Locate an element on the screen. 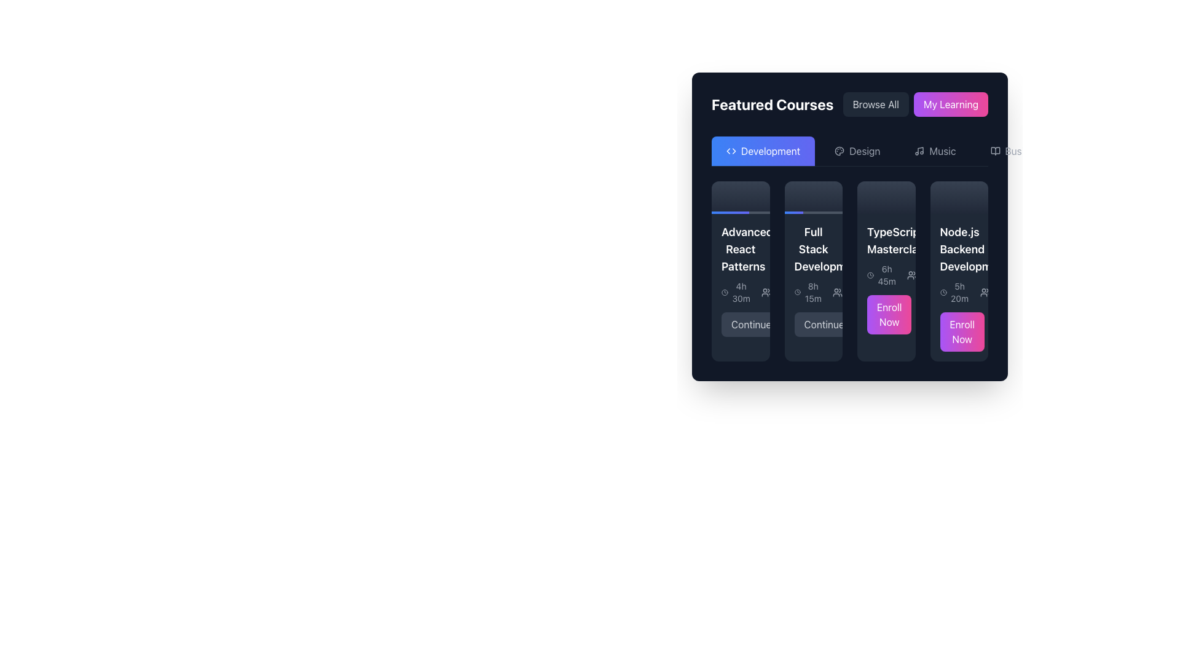 The height and width of the screenshot is (664, 1180). the button at the bottom of the 'TypeScript Masterclass' card to enroll in the course is located at coordinates (886, 314).